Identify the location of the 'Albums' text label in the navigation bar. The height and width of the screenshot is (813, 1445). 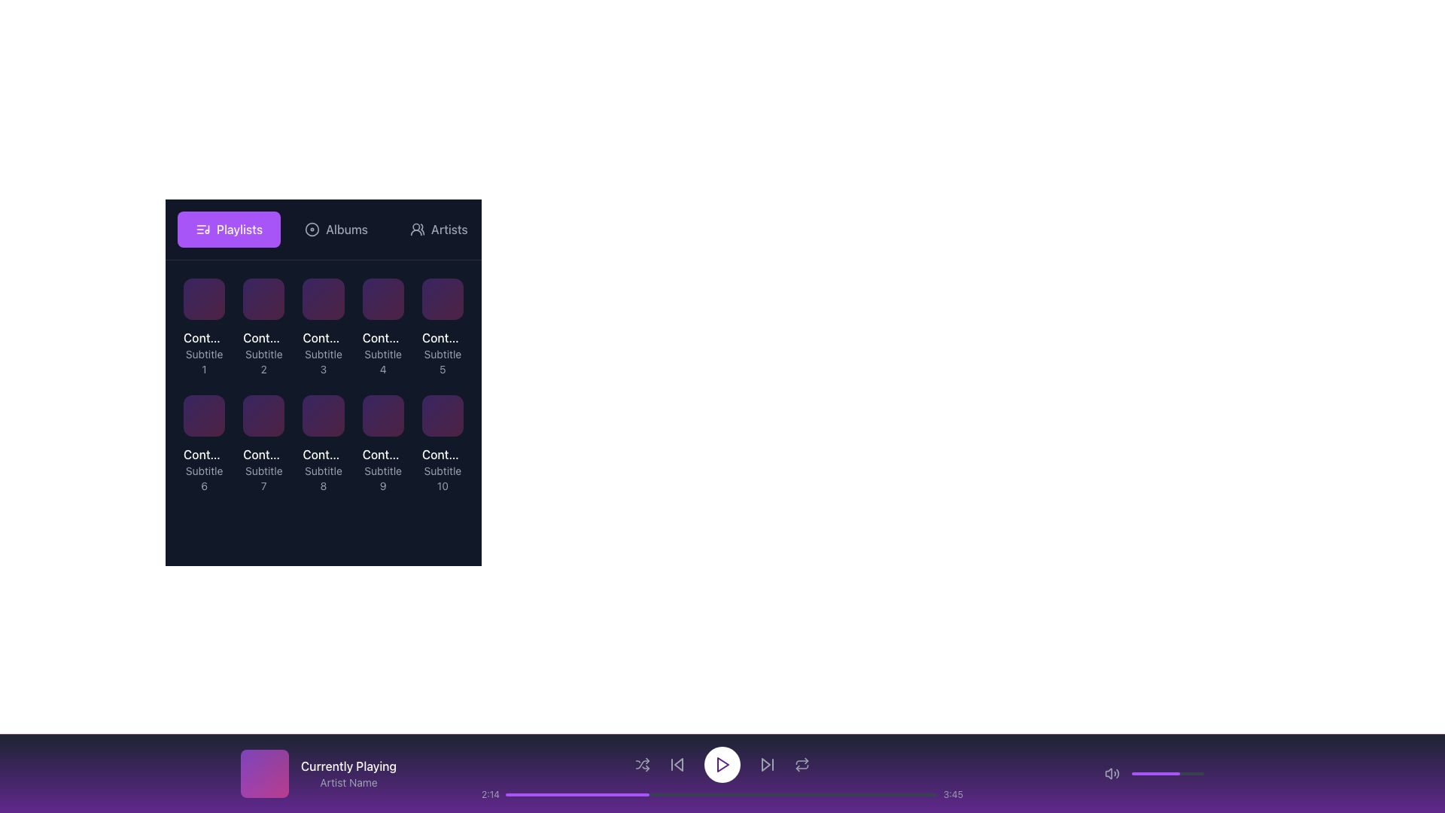
(345, 229).